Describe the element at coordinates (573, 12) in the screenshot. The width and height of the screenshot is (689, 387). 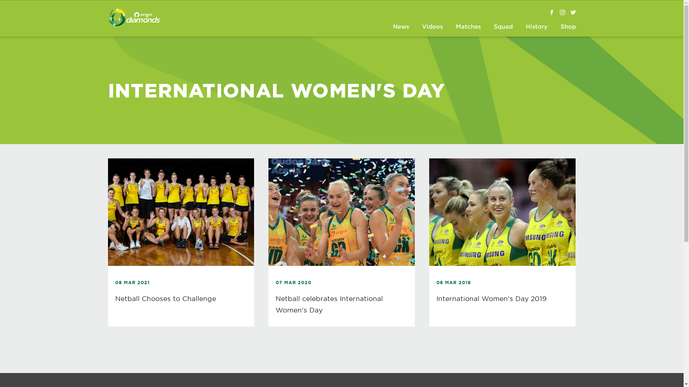
I see `'@AussieDiamonds'` at that location.